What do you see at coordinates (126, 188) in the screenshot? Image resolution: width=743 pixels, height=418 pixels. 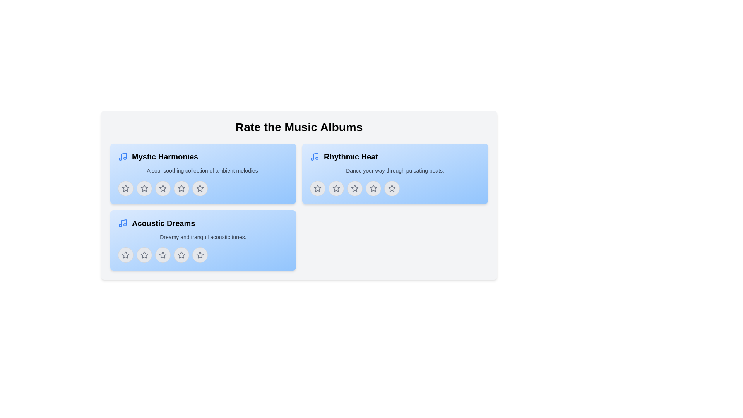 I see `the leftmost star icon in the Interactive Star Rating section under the 'Mystic Harmonies' album` at bounding box center [126, 188].